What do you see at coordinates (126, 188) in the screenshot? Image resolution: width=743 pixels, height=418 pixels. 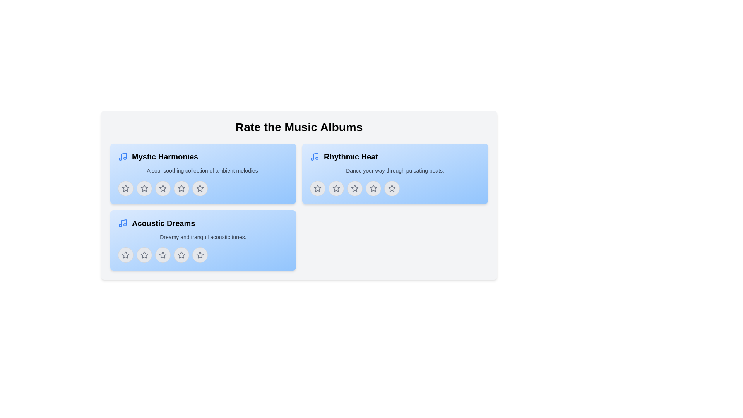 I see `the leftmost star icon in the Interactive Star Rating section under the 'Mystic Harmonies' album` at bounding box center [126, 188].